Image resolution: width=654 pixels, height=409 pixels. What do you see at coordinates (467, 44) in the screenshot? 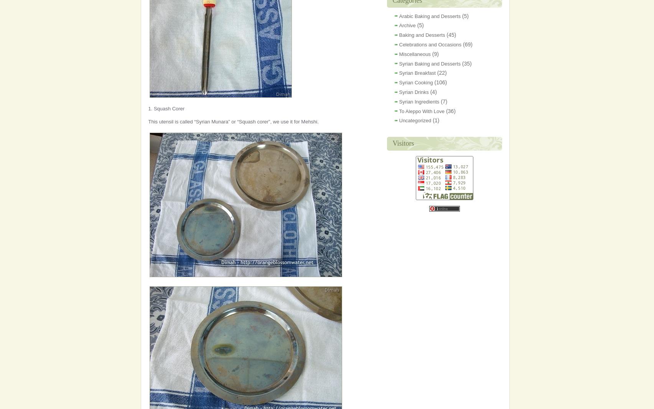
I see `'(69)'` at bounding box center [467, 44].